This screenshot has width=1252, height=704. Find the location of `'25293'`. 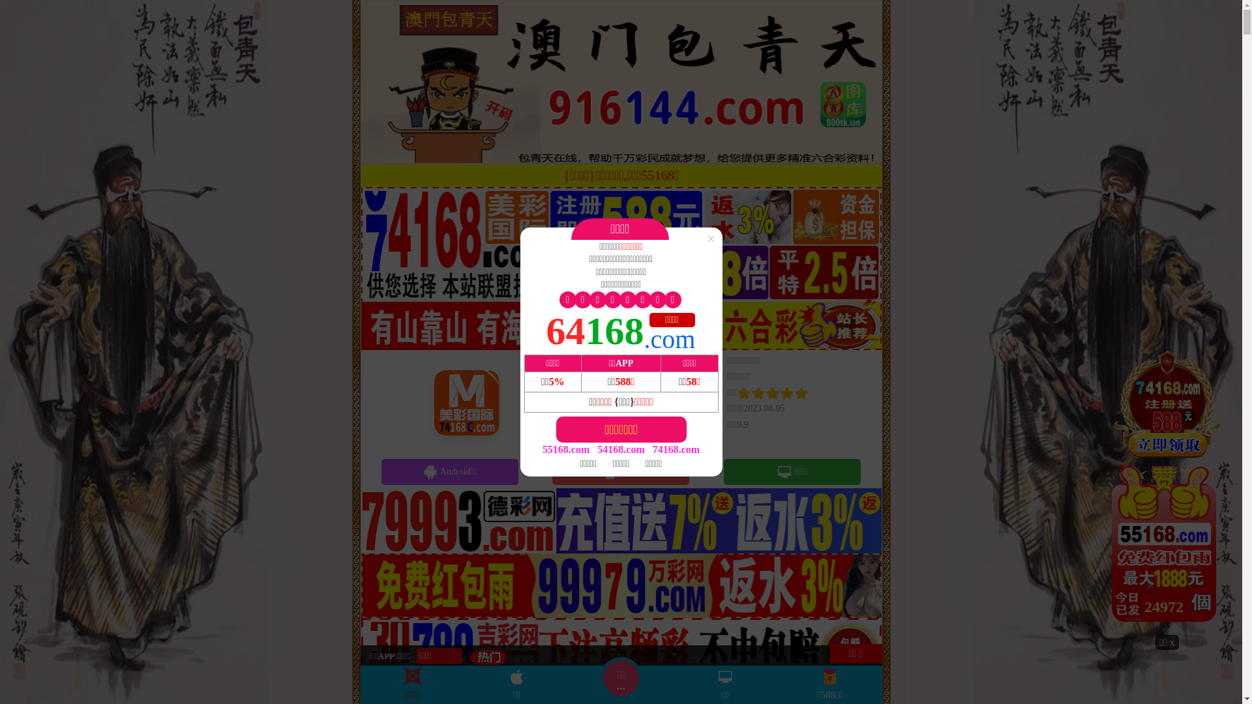

'25293' is located at coordinates (1167, 490).